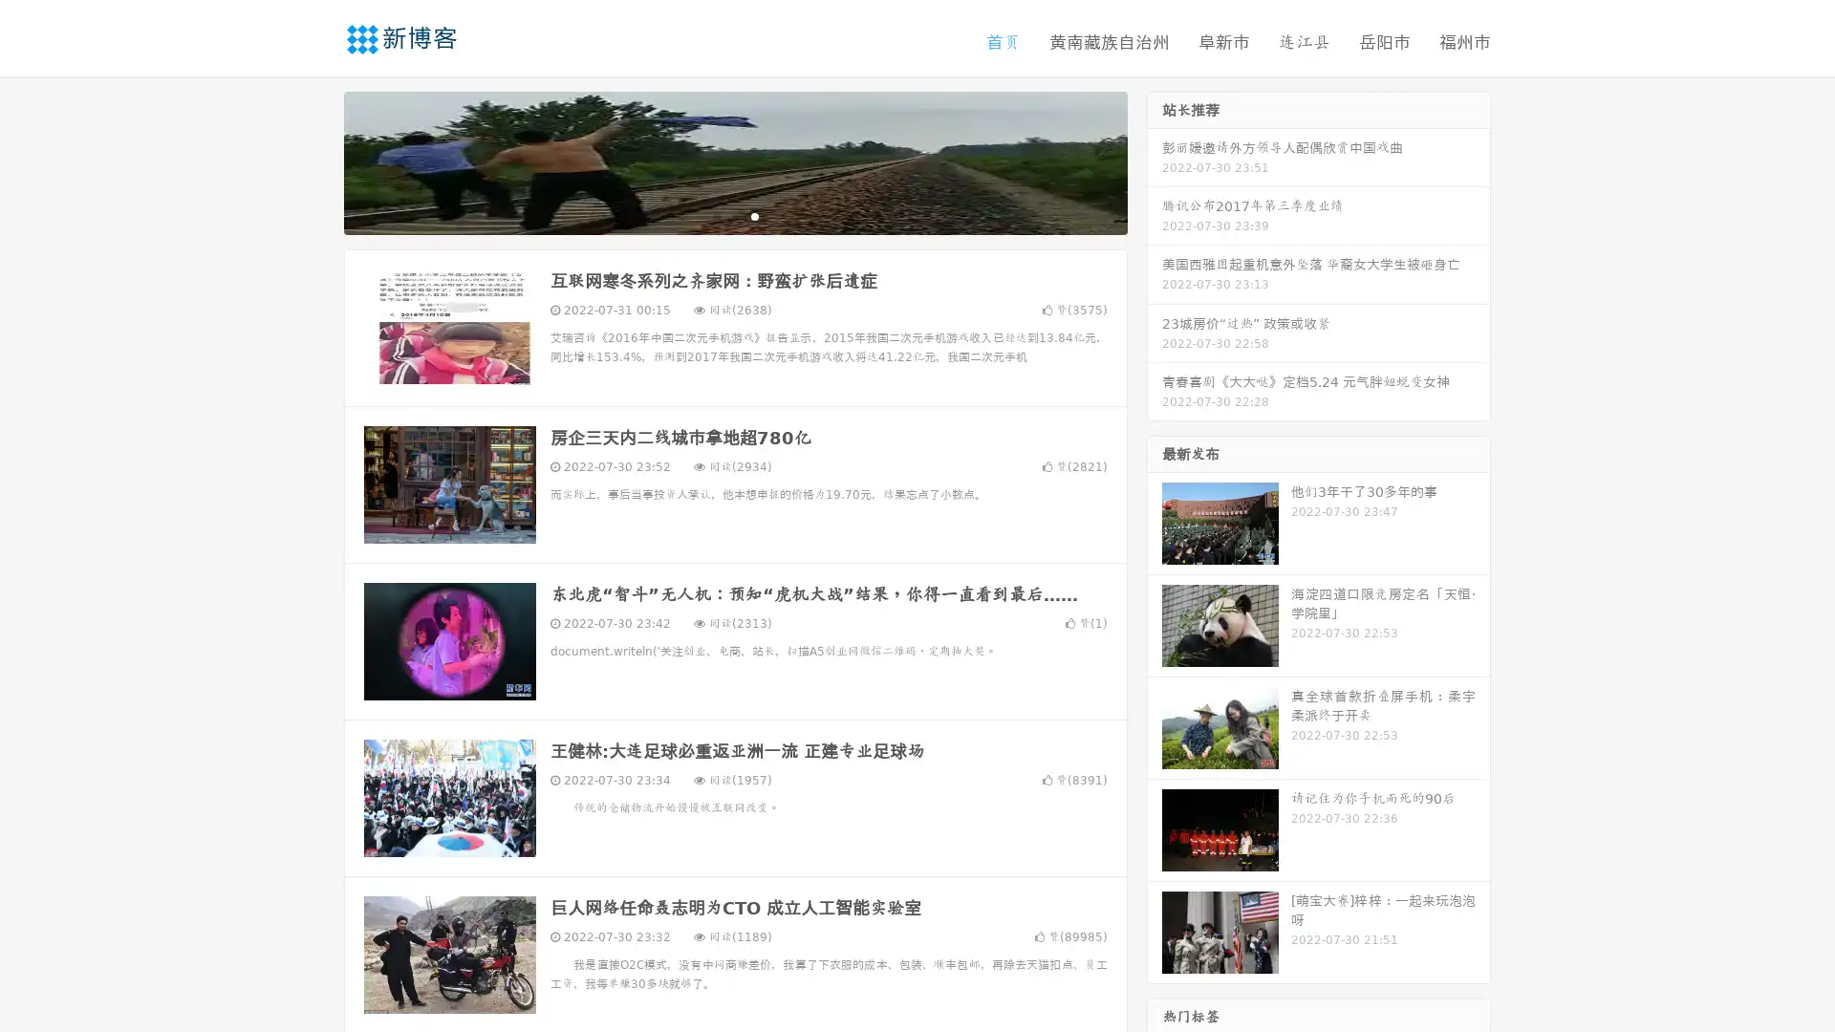  What do you see at coordinates (715, 215) in the screenshot?
I see `Go to slide 1` at bounding box center [715, 215].